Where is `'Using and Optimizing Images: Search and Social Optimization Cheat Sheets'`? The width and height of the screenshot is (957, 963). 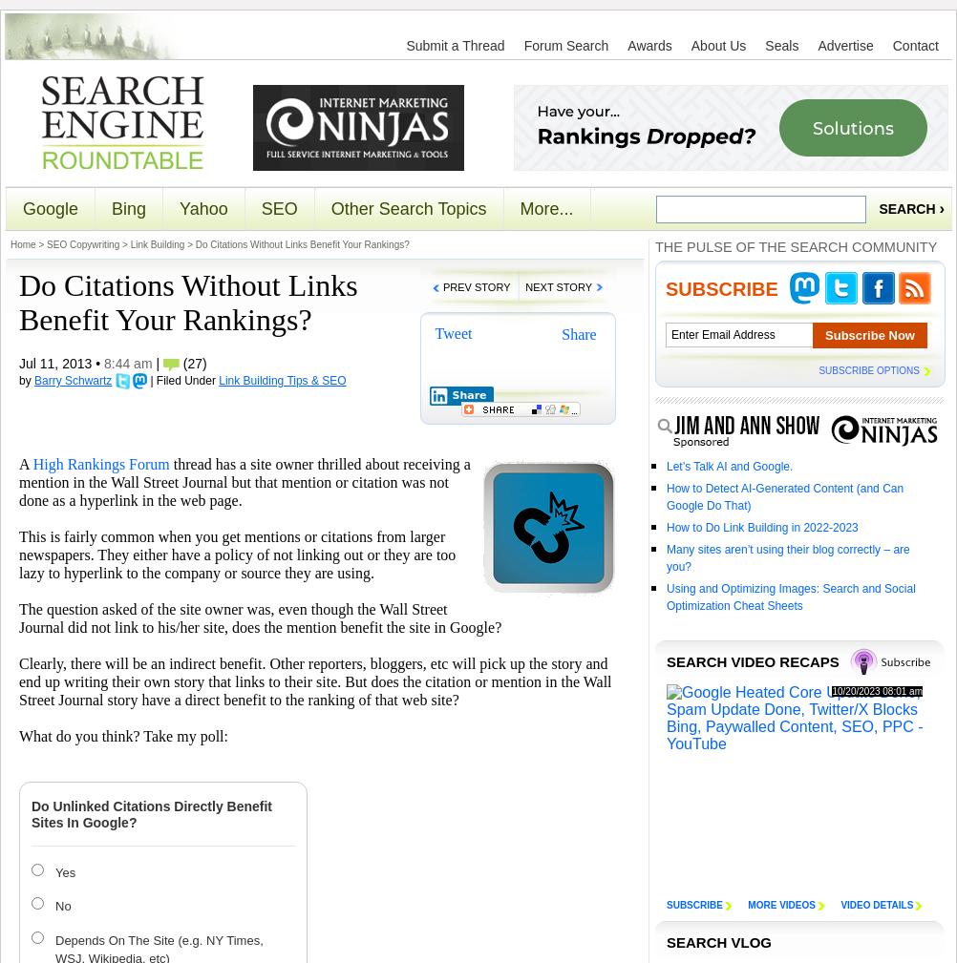
'Using and Optimizing Images: Search and Social Optimization Cheat Sheets' is located at coordinates (789, 597).